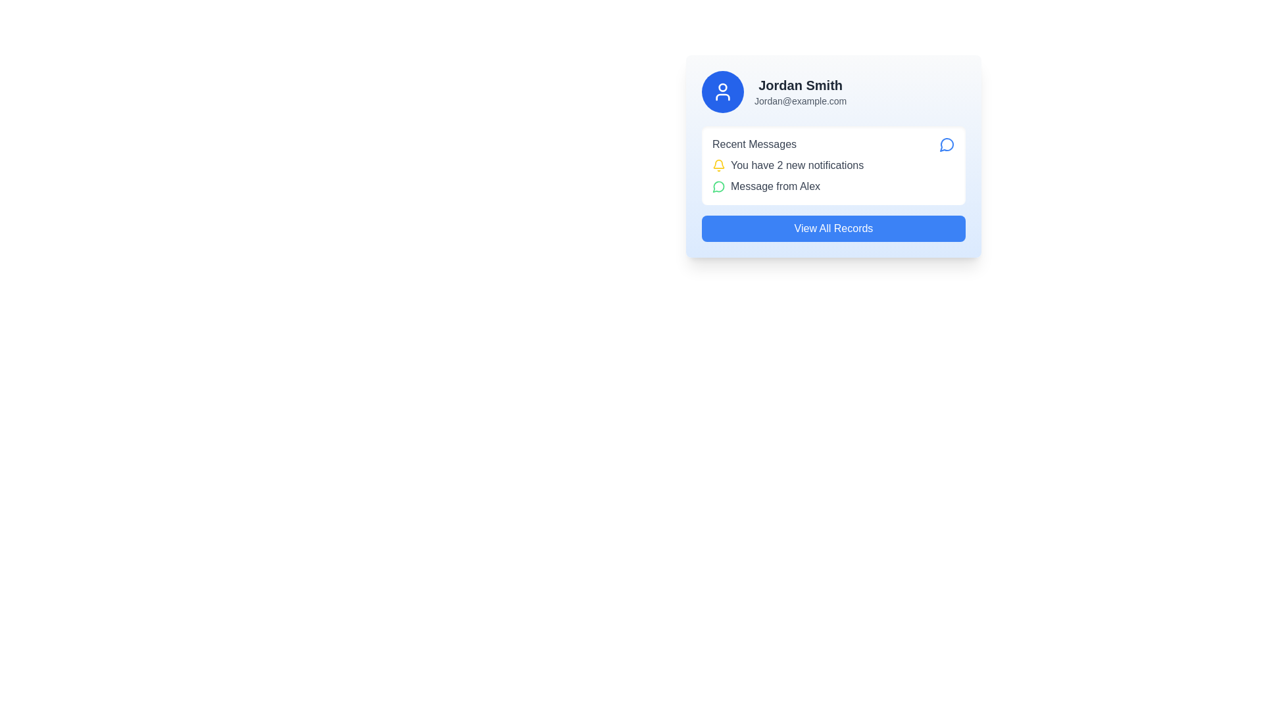 The image size is (1263, 710). I want to click on the notification text 'You have 2 new notifications', so click(833, 164).